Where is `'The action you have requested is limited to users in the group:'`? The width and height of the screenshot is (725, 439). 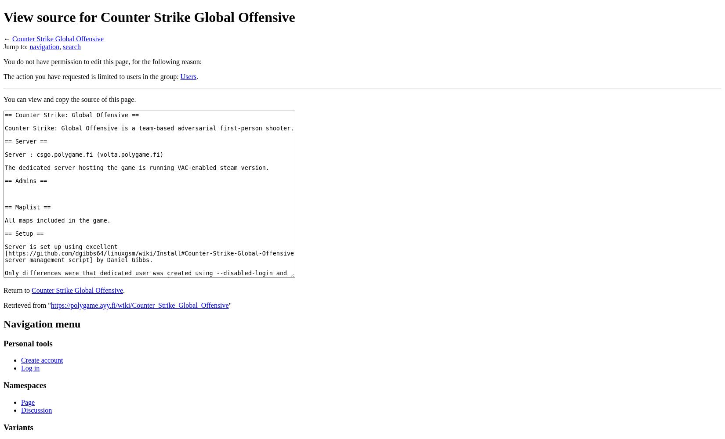 'The action you have requested is limited to users in the group:' is located at coordinates (92, 76).